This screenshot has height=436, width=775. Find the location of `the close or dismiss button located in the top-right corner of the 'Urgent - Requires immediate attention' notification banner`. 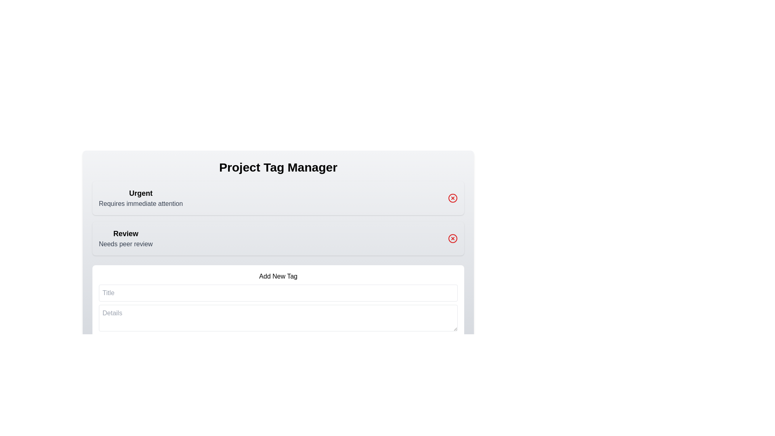

the close or dismiss button located in the top-right corner of the 'Urgent - Requires immediate attention' notification banner is located at coordinates (453, 198).